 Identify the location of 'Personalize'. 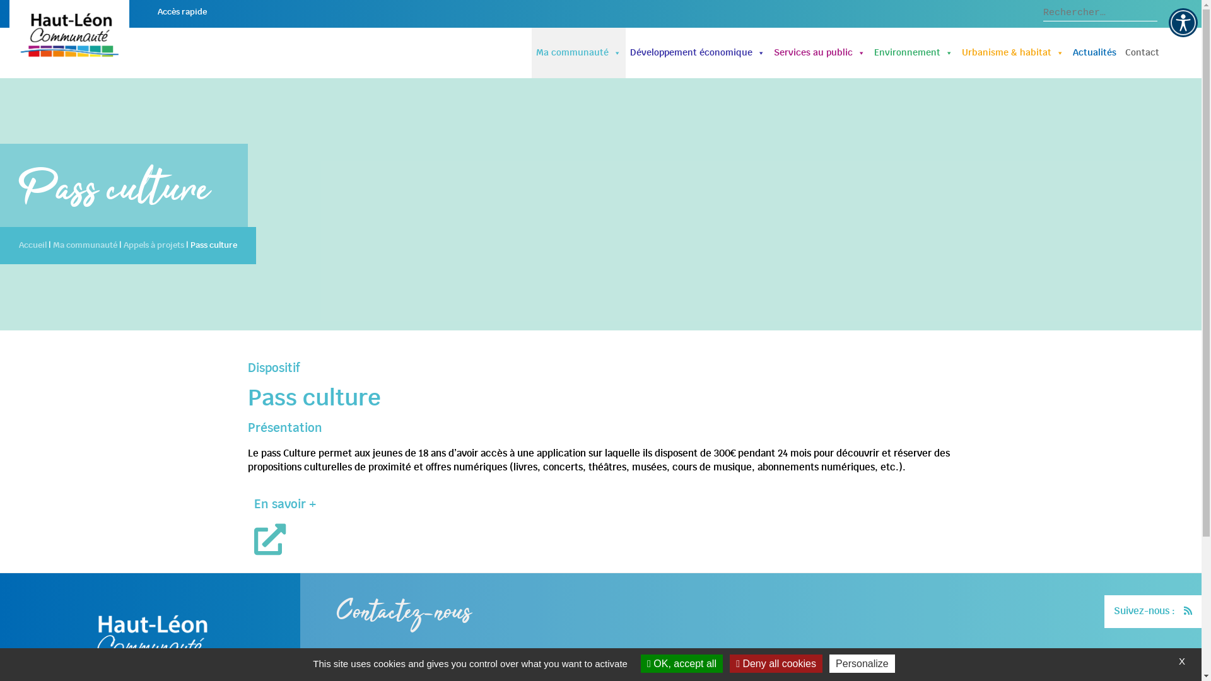
(862, 663).